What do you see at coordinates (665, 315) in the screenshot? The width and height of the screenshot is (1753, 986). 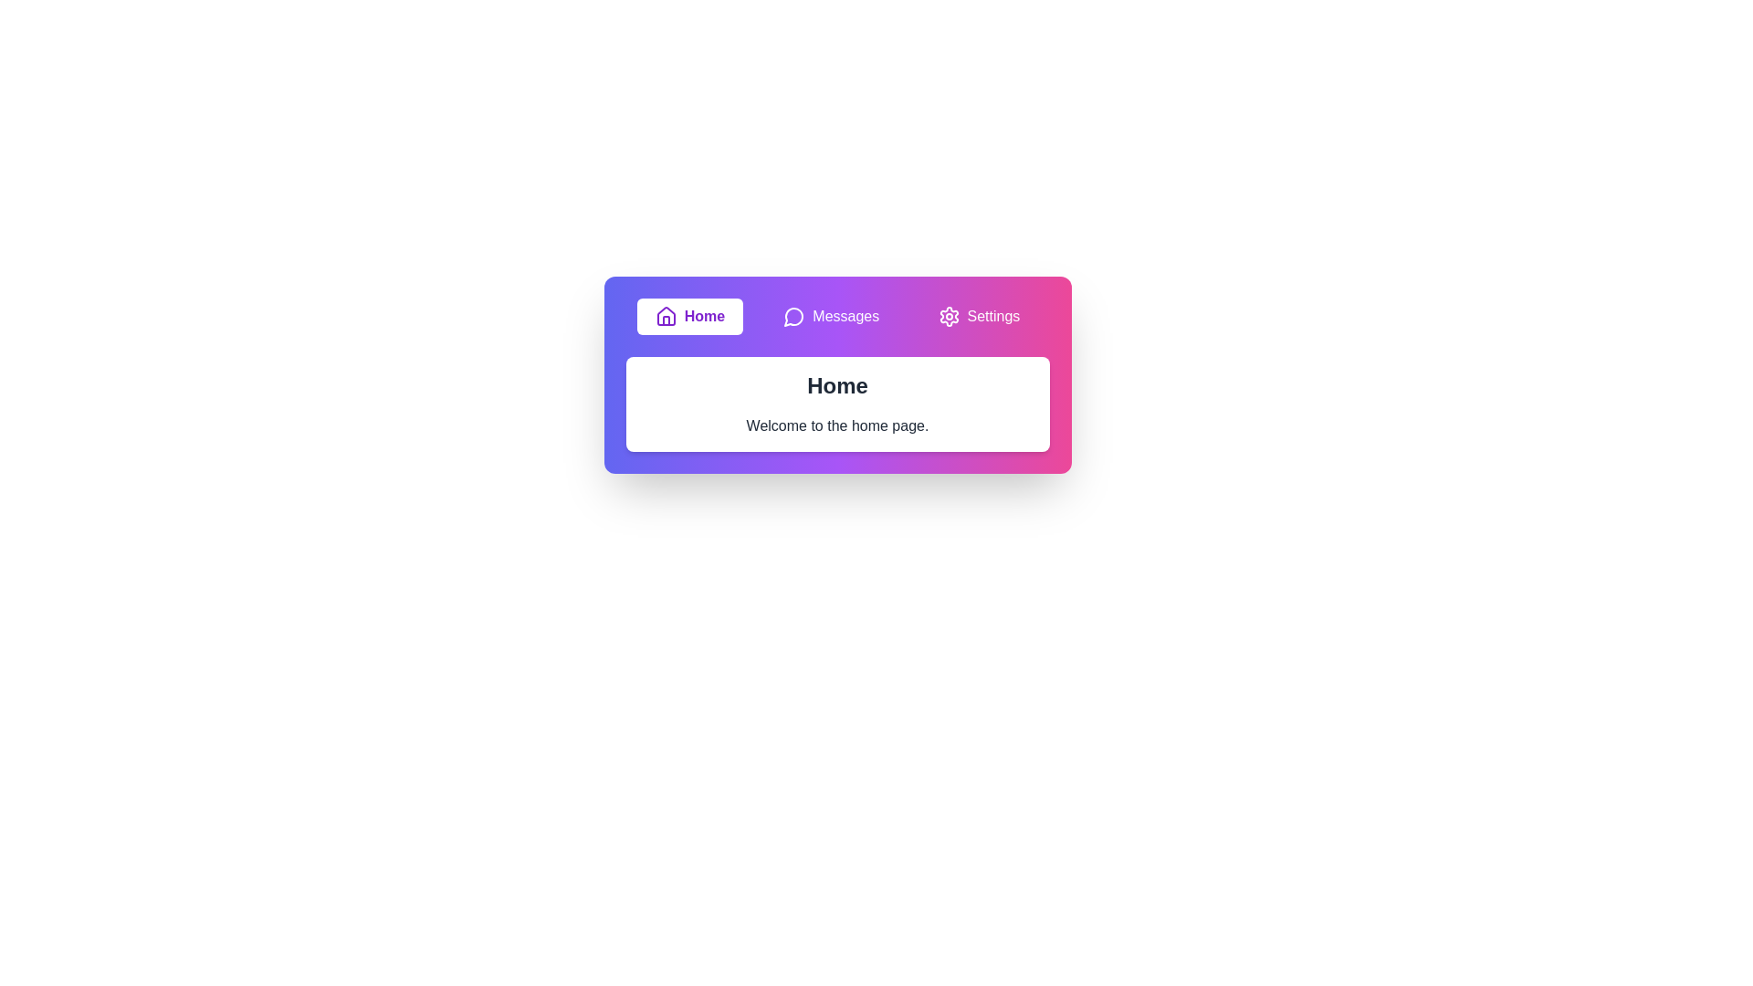 I see `the house-shaped icon with a purple outline located in the Home button of the top navigation menu` at bounding box center [665, 315].